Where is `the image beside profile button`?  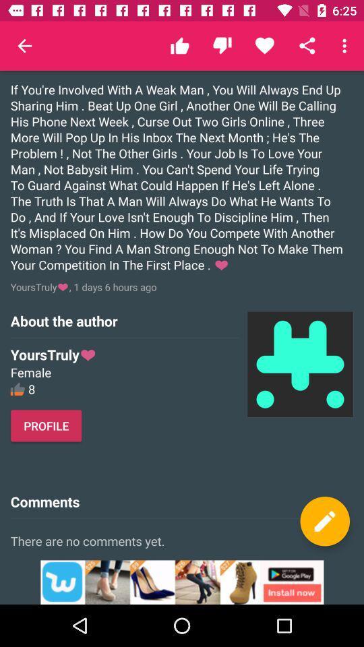 the image beside profile button is located at coordinates (300, 363).